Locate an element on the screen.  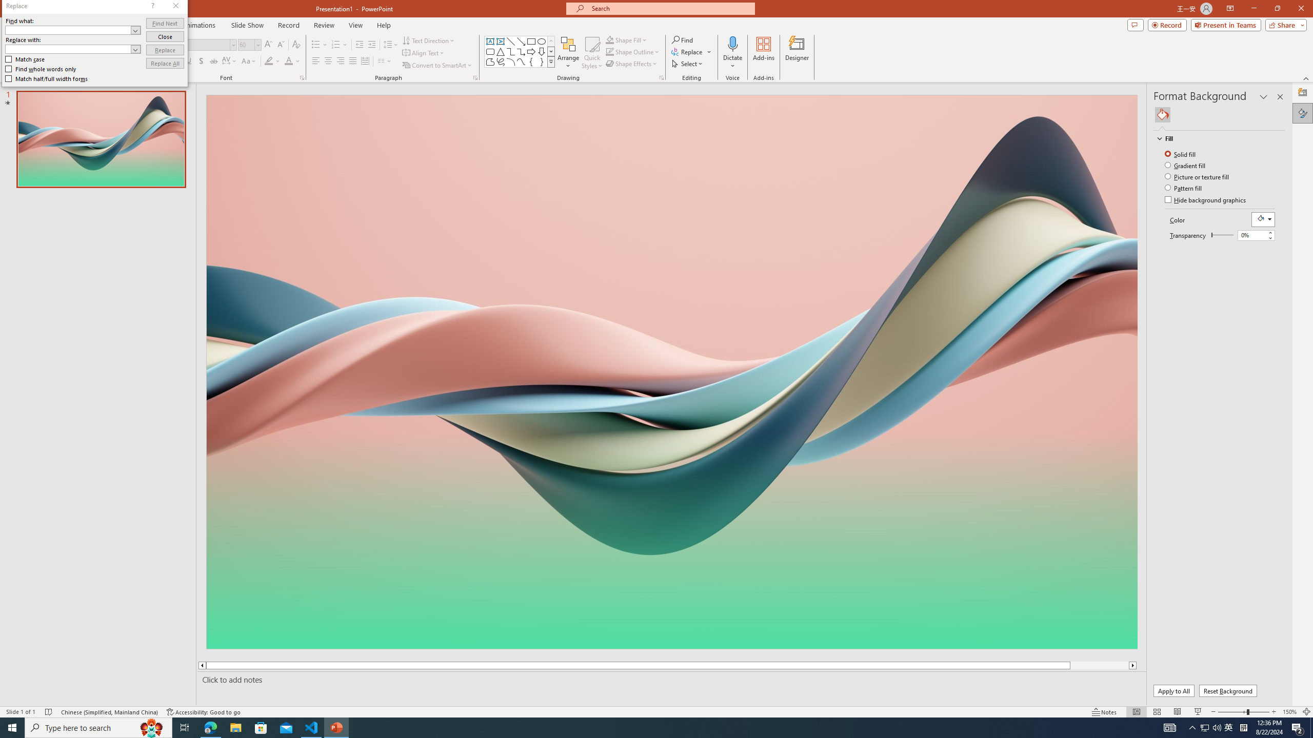
'Class: NetUIGalleryContainer' is located at coordinates (1219, 114).